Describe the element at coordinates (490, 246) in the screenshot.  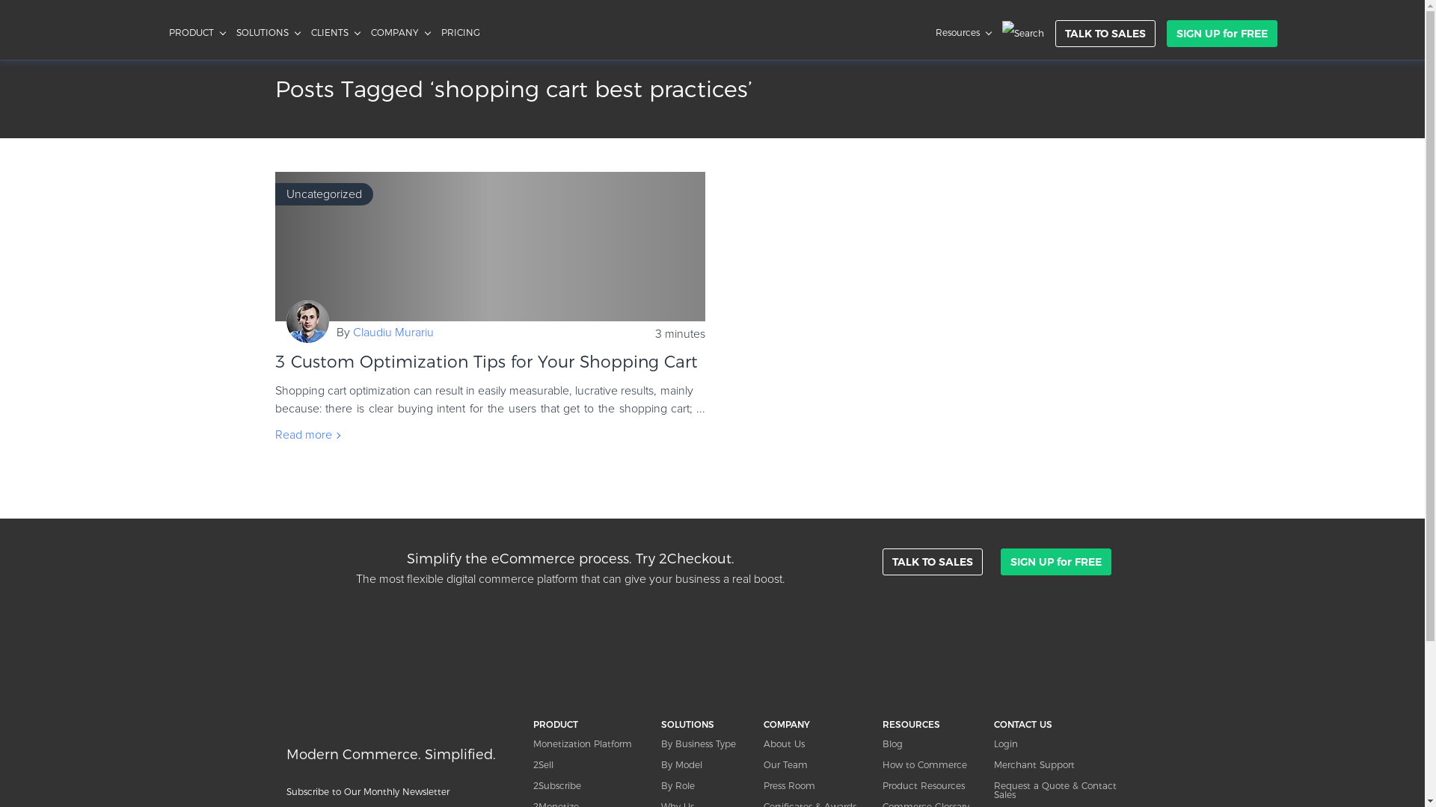
I see `'3 Custom Optimization Tips for Your Shopping Cart'` at that location.